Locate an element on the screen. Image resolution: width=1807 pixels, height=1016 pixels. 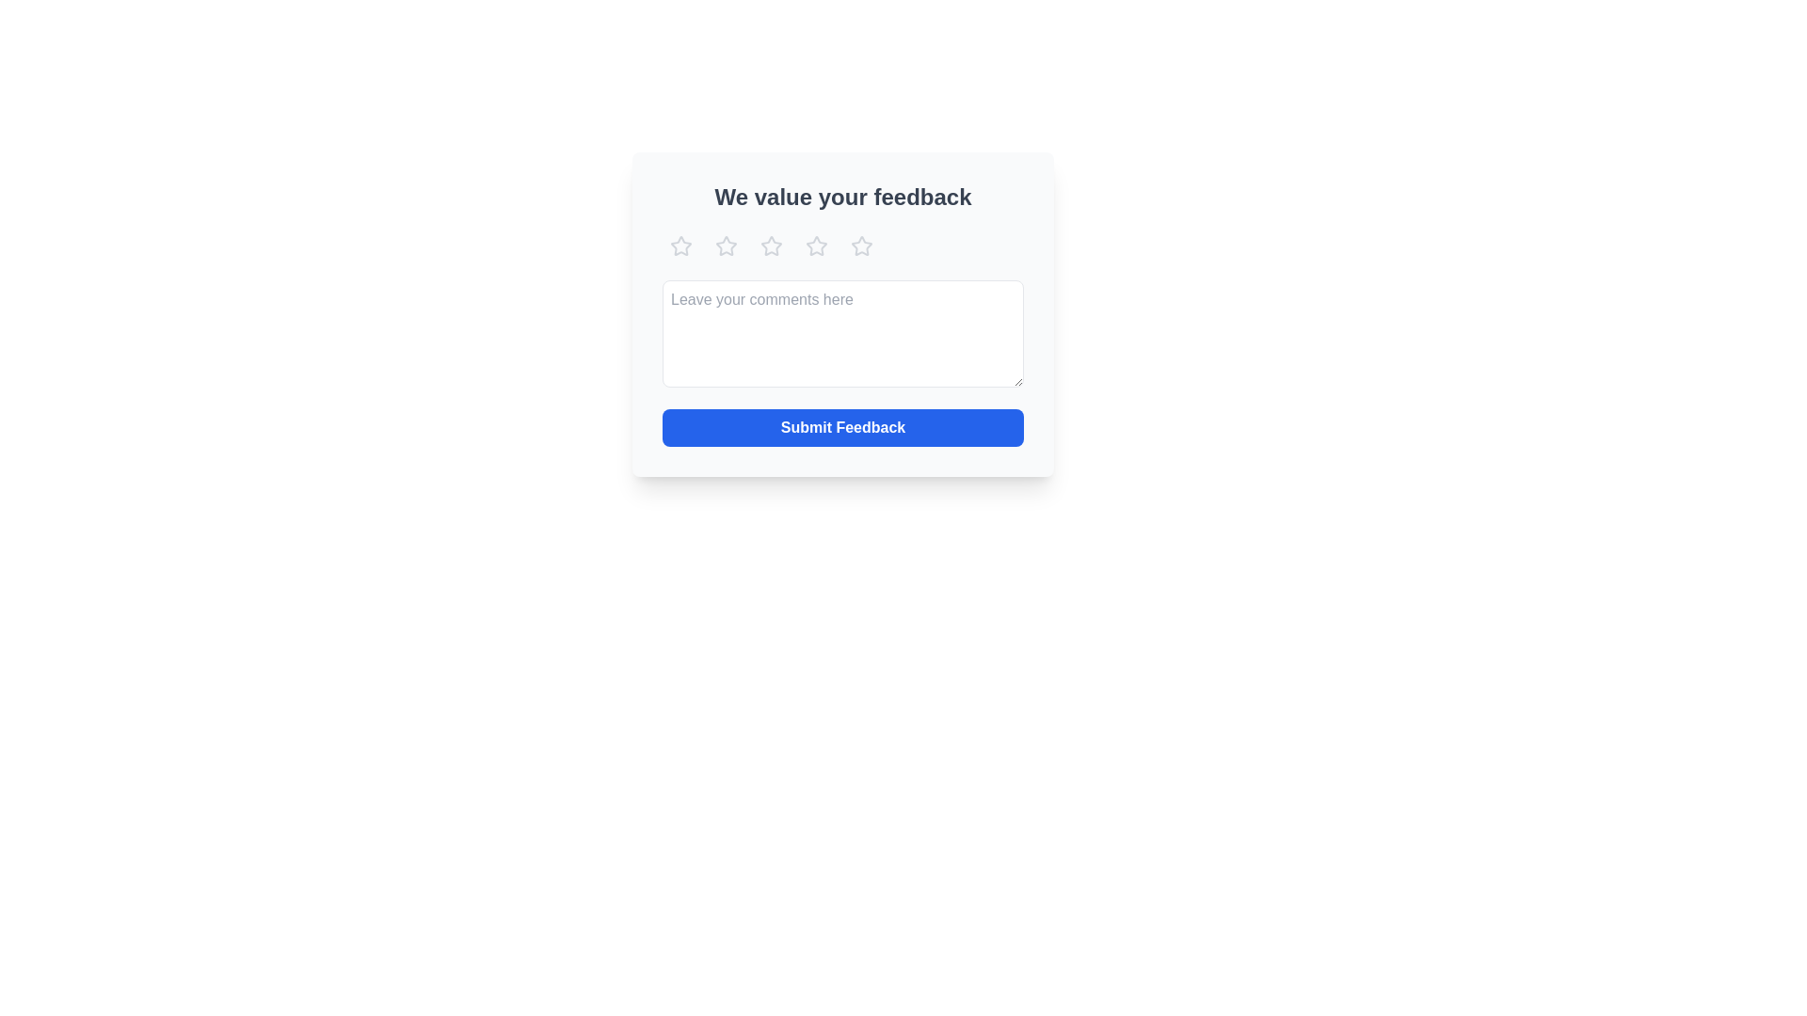
the fifth star icon in the rating system is located at coordinates (861, 246).